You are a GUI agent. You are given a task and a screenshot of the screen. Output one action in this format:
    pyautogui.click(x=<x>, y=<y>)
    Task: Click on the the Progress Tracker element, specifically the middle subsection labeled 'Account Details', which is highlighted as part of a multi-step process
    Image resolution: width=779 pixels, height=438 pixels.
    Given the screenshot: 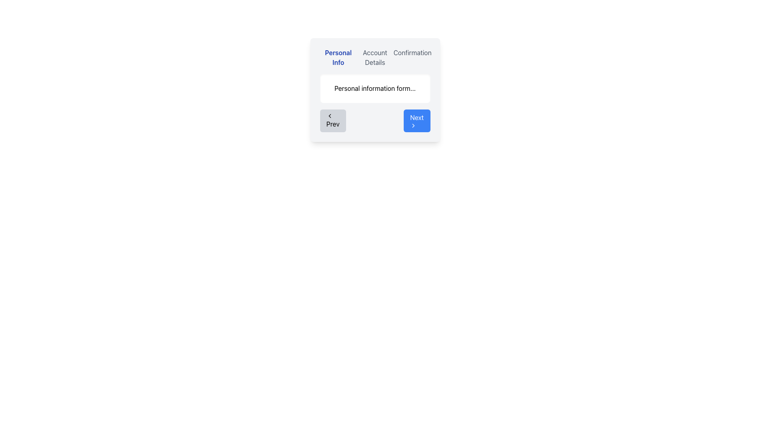 What is the action you would take?
    pyautogui.click(x=374, y=57)
    